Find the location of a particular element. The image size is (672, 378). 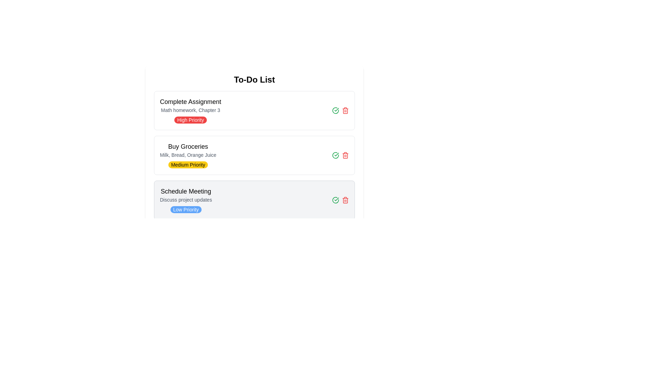

the delete button located to the right of the green checkmark icon in the 'Buy Groceries' row is located at coordinates (345, 155).